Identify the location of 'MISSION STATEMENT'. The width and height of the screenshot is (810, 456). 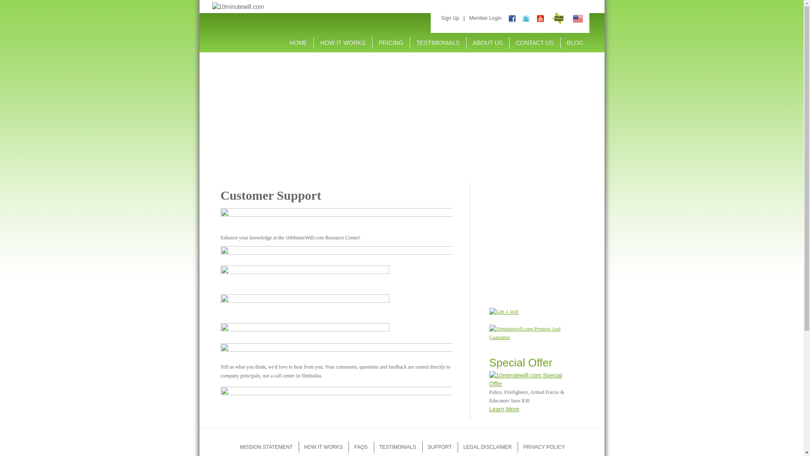
(266, 447).